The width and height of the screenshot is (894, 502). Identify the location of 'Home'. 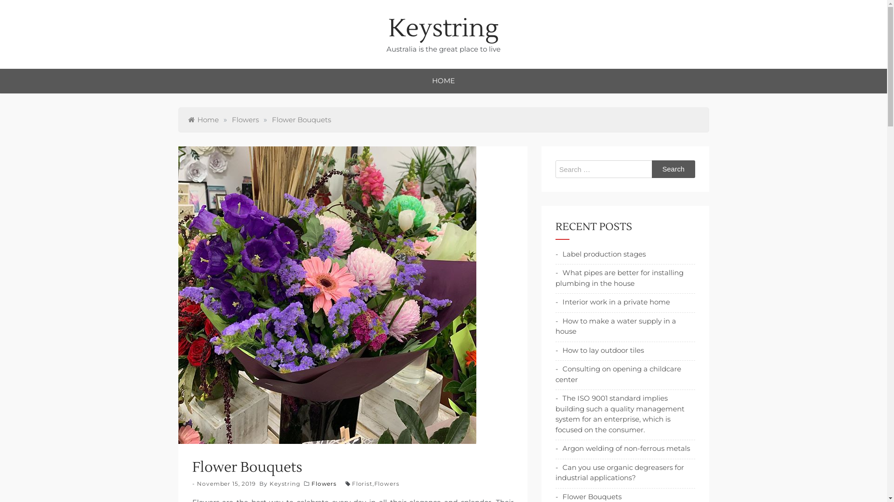
(203, 119).